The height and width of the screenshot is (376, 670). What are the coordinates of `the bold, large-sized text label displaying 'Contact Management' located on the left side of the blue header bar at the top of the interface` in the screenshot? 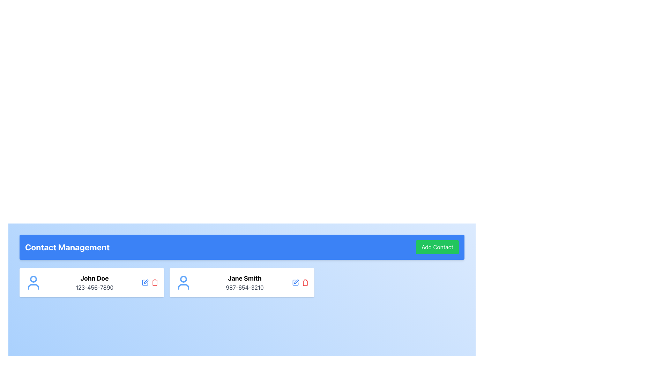 It's located at (67, 246).